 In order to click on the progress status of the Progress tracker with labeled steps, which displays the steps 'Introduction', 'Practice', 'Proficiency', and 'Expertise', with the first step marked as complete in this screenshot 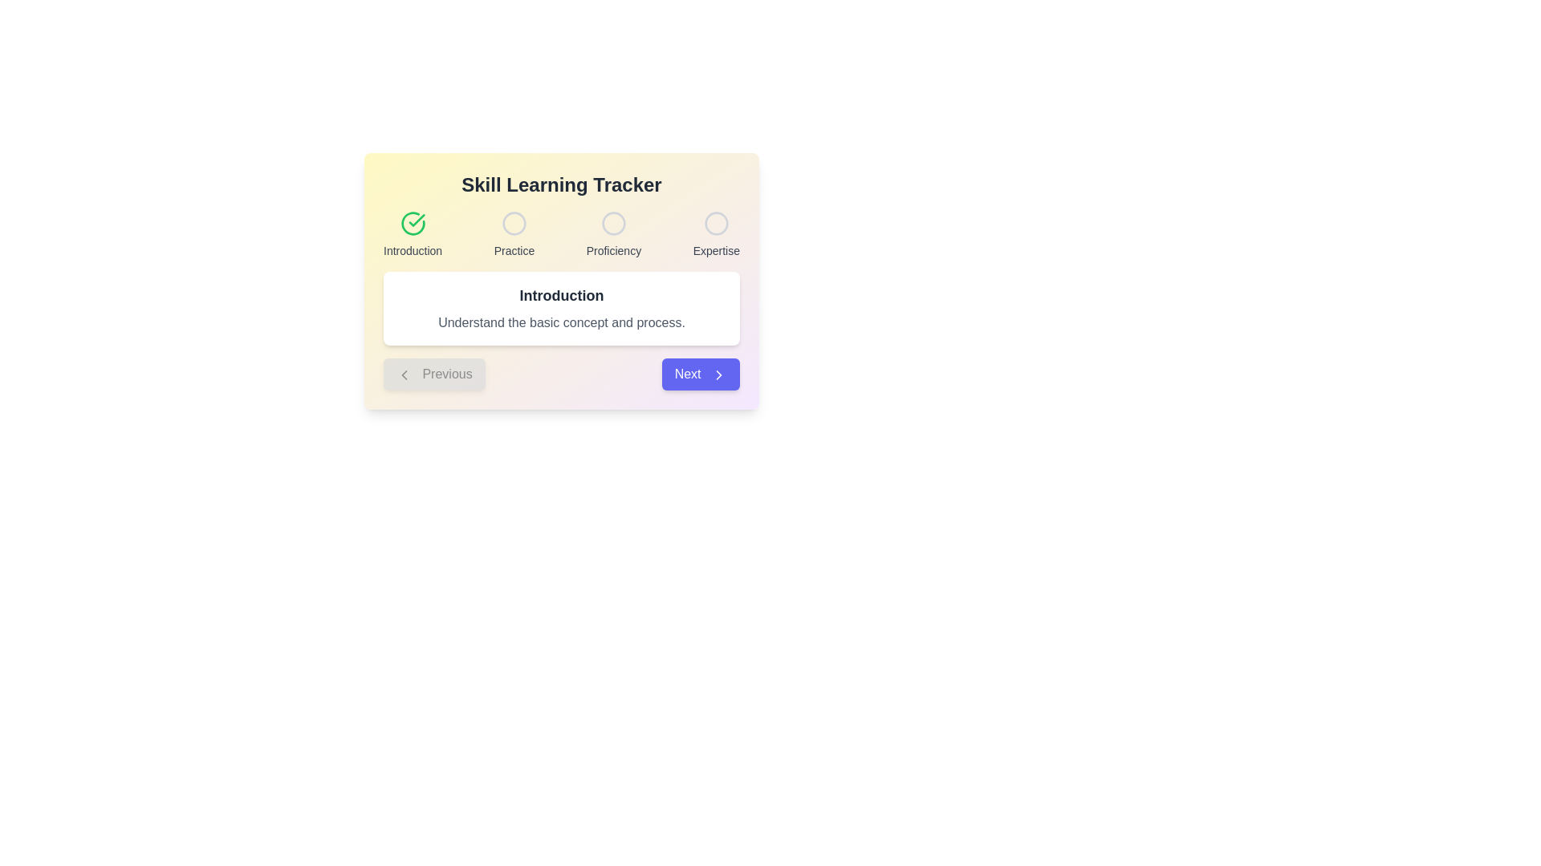, I will do `click(562, 235)`.